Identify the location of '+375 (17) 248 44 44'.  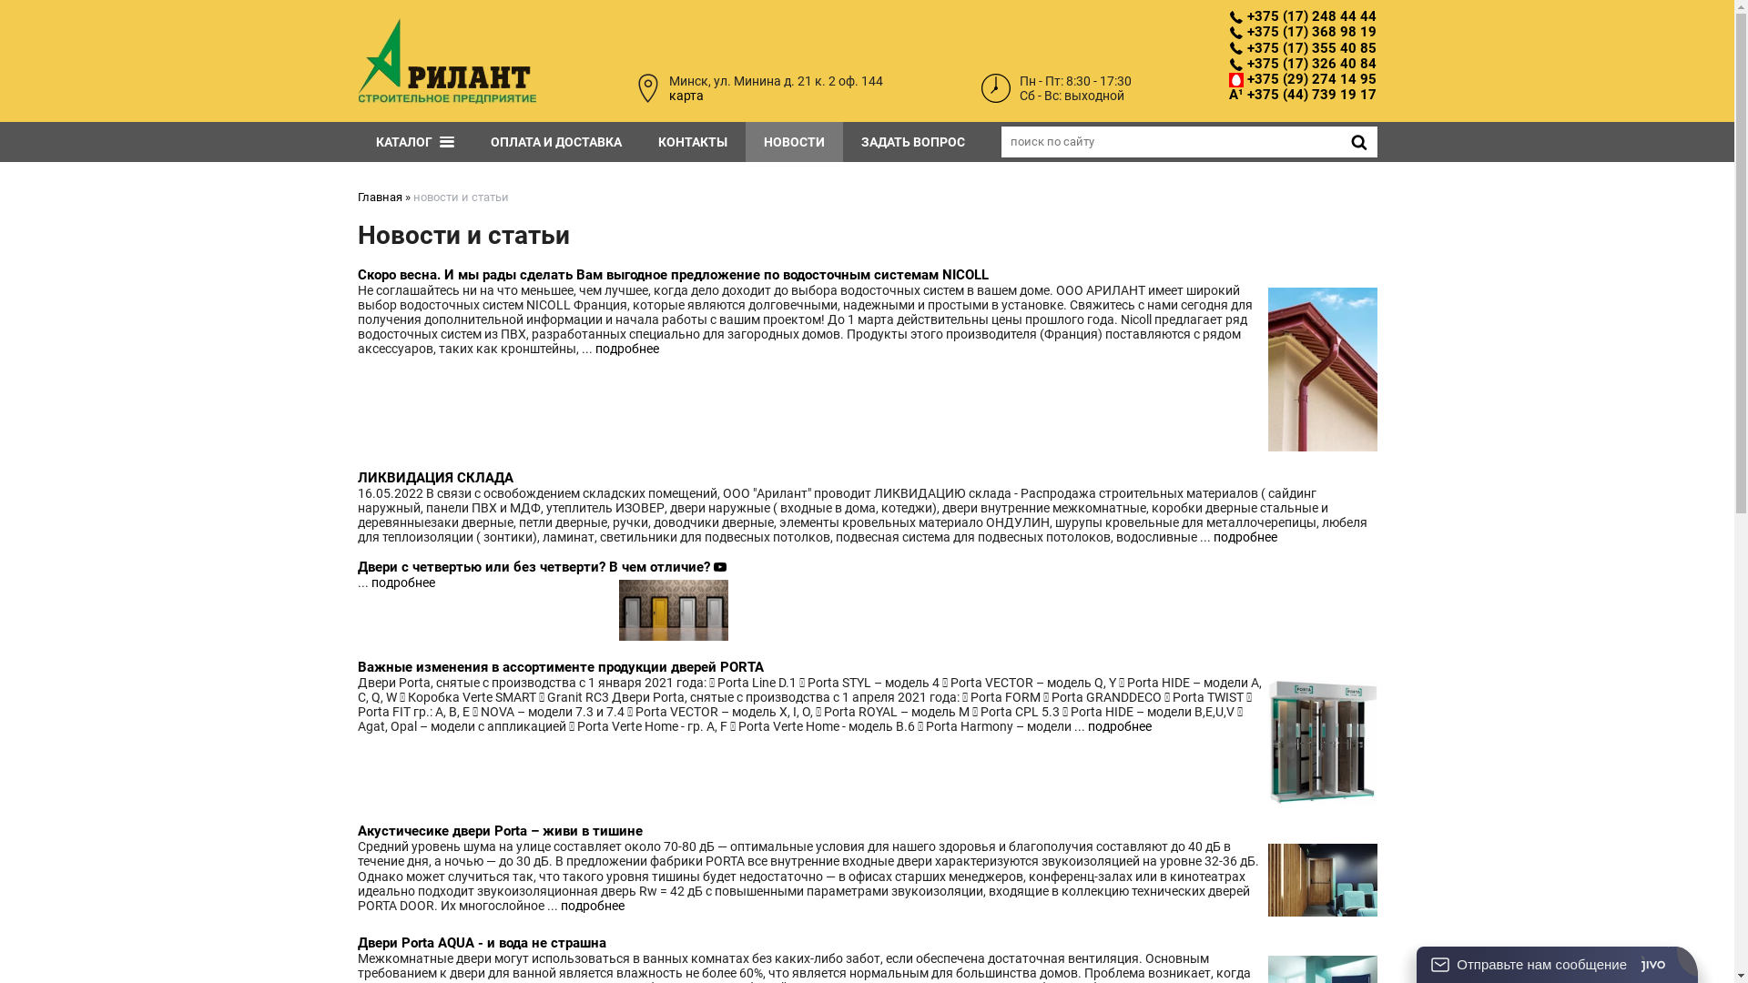
(1228, 16).